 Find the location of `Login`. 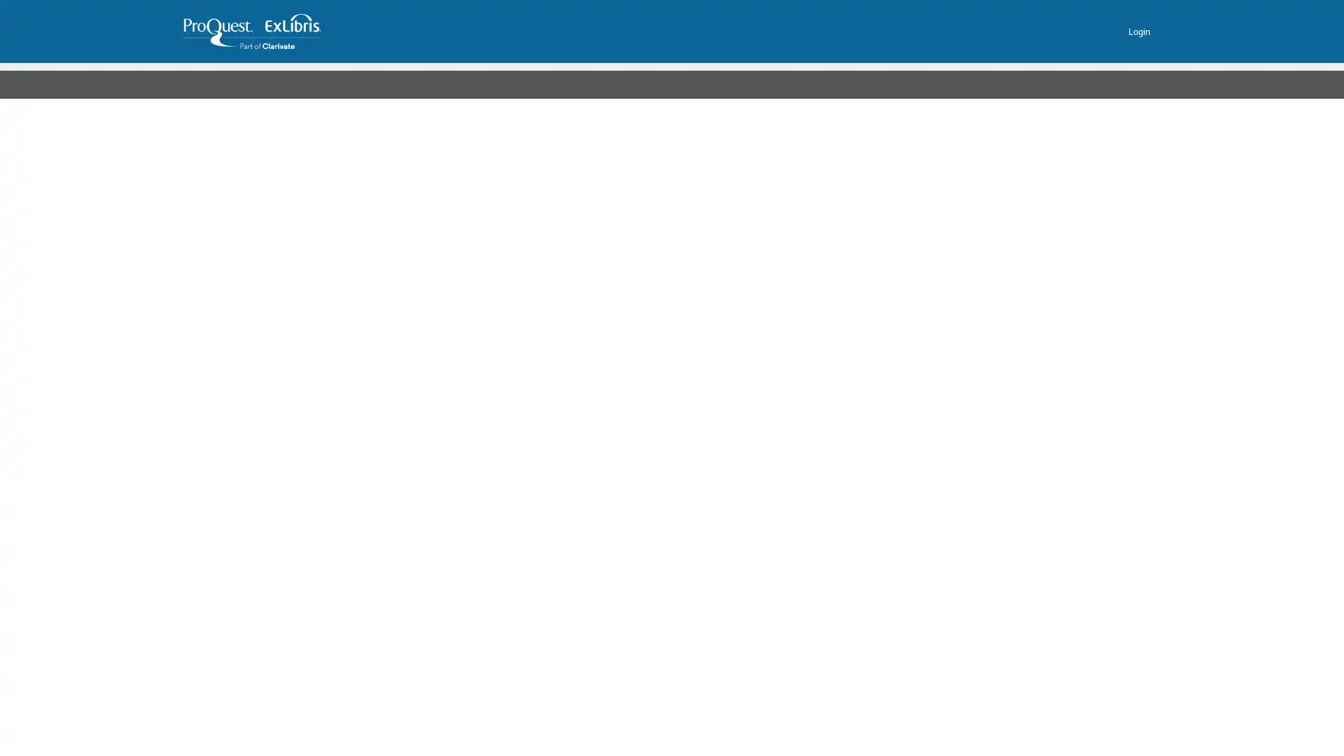

Login is located at coordinates (1139, 31).